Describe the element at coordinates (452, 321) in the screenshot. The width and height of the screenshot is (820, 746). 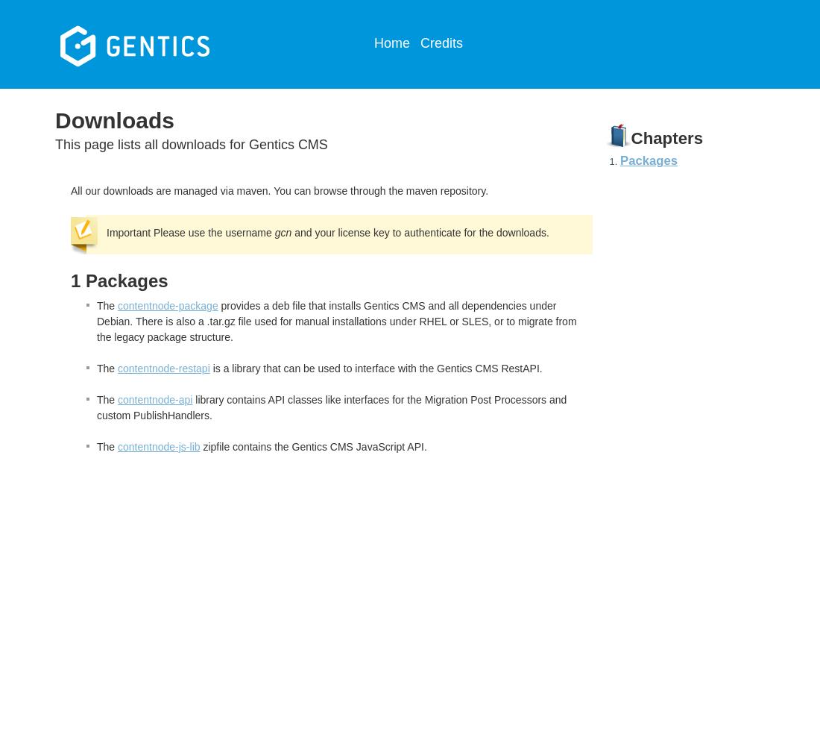
I see `'or'` at that location.